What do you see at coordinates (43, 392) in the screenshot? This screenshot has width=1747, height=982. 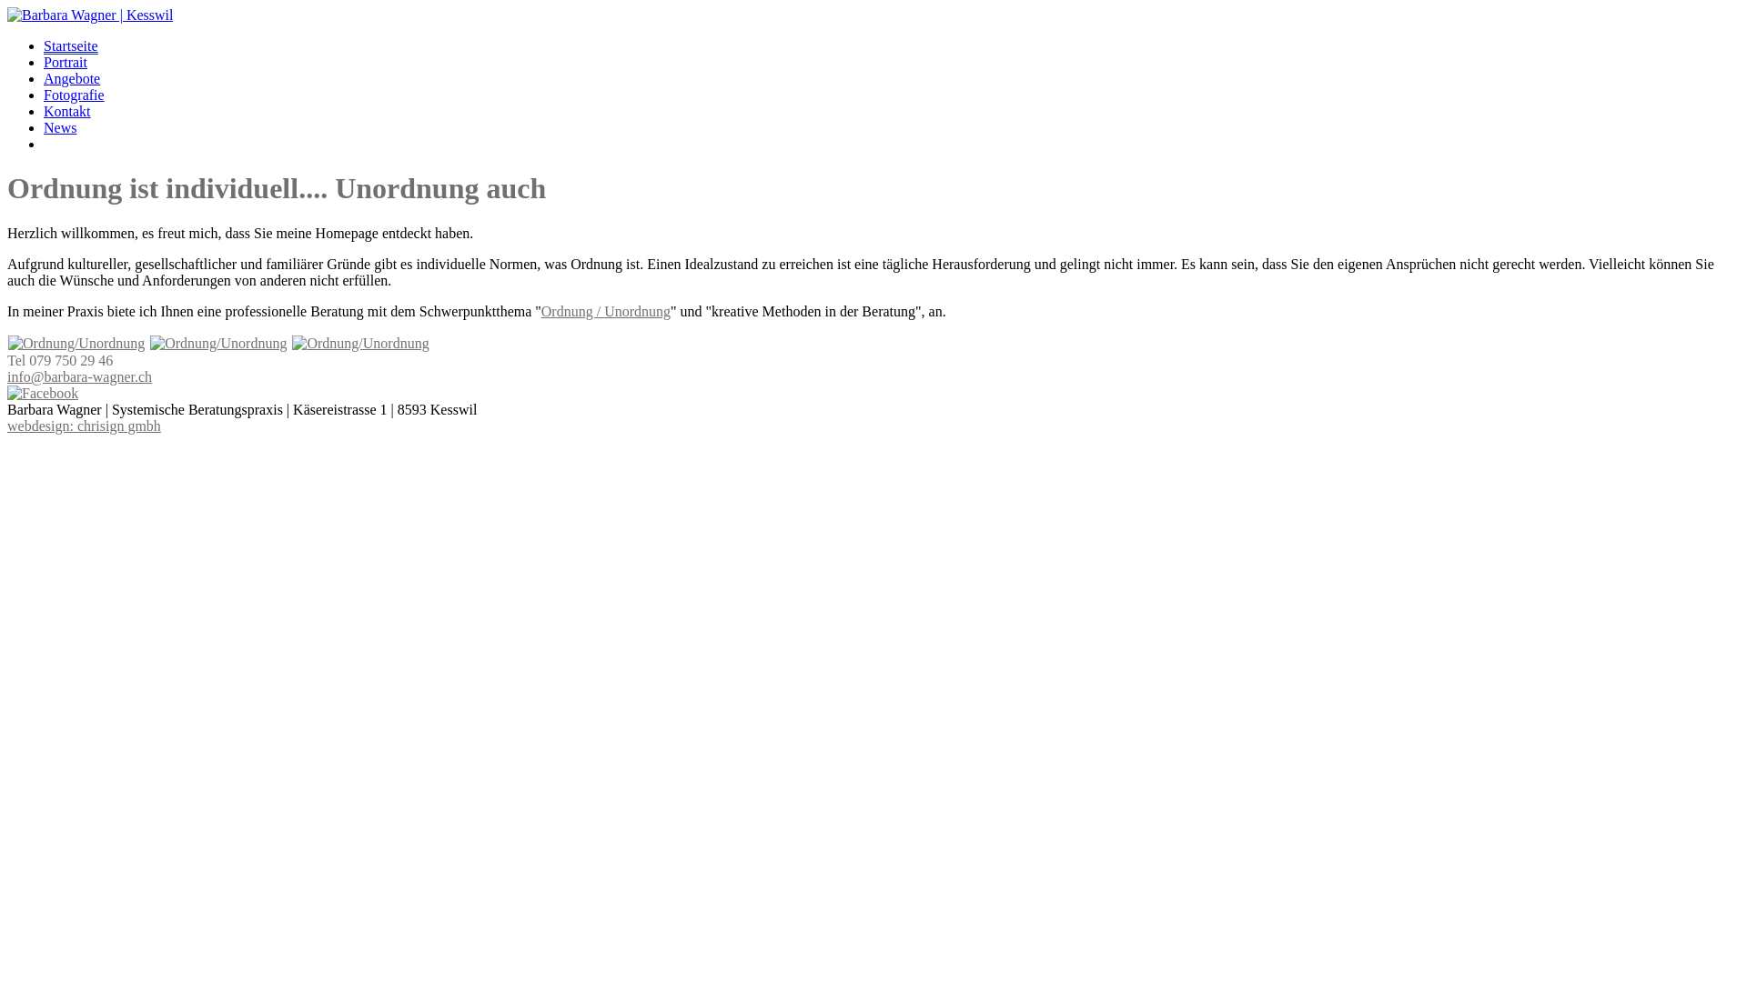 I see `'Barbara Wagner auf Facebook'` at bounding box center [43, 392].